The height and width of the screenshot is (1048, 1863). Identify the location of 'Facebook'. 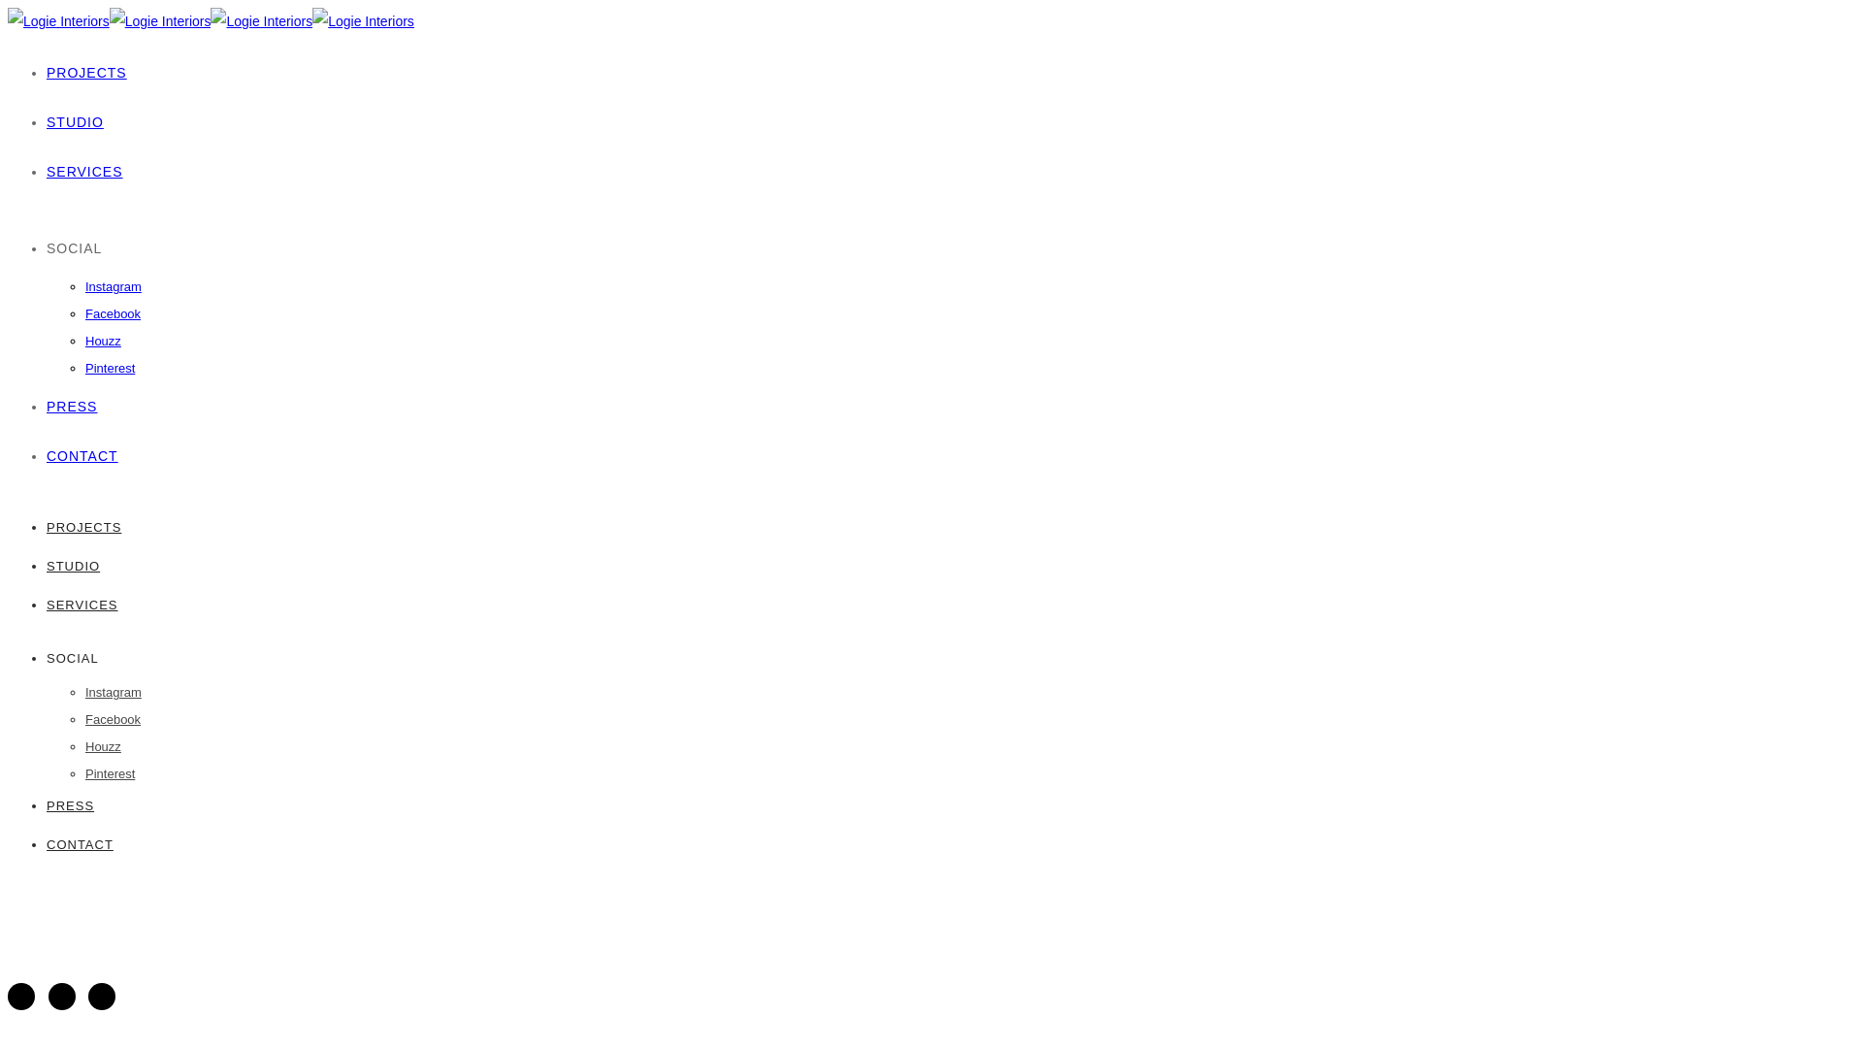
(83, 719).